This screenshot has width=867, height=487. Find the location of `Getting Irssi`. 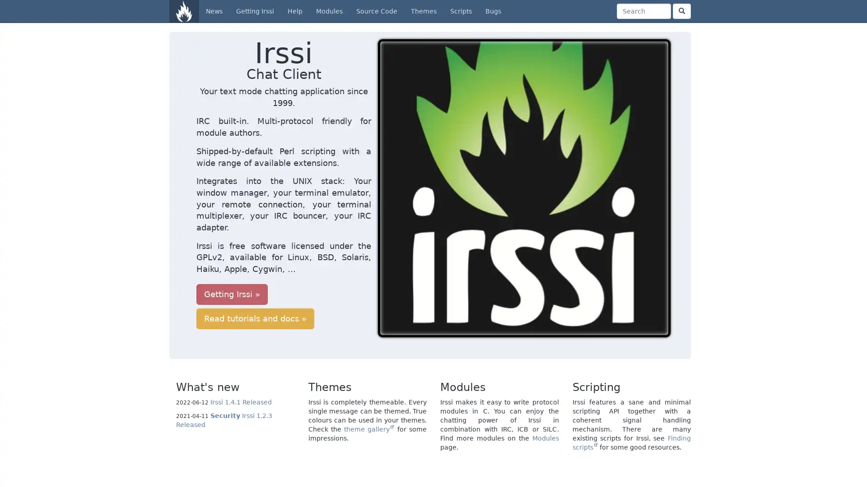

Getting Irssi is located at coordinates (232, 259).